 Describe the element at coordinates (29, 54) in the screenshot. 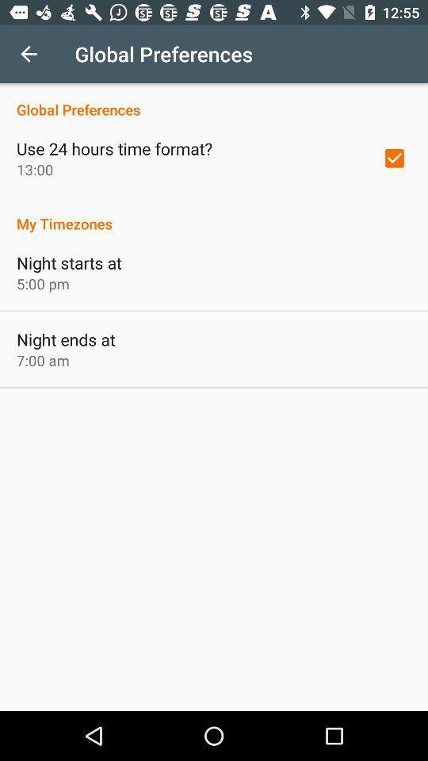

I see `the icon next to the global preferences item` at that location.